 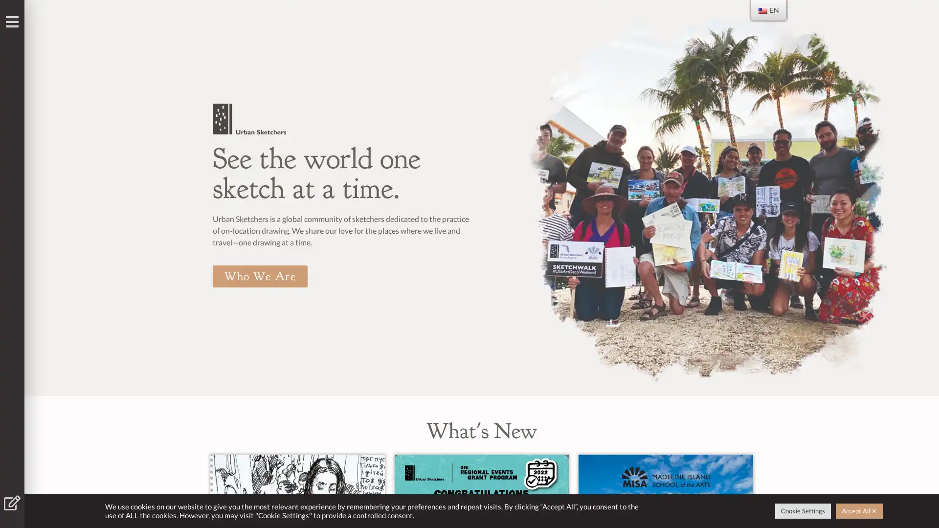 I want to click on Accept All, so click(x=858, y=510).